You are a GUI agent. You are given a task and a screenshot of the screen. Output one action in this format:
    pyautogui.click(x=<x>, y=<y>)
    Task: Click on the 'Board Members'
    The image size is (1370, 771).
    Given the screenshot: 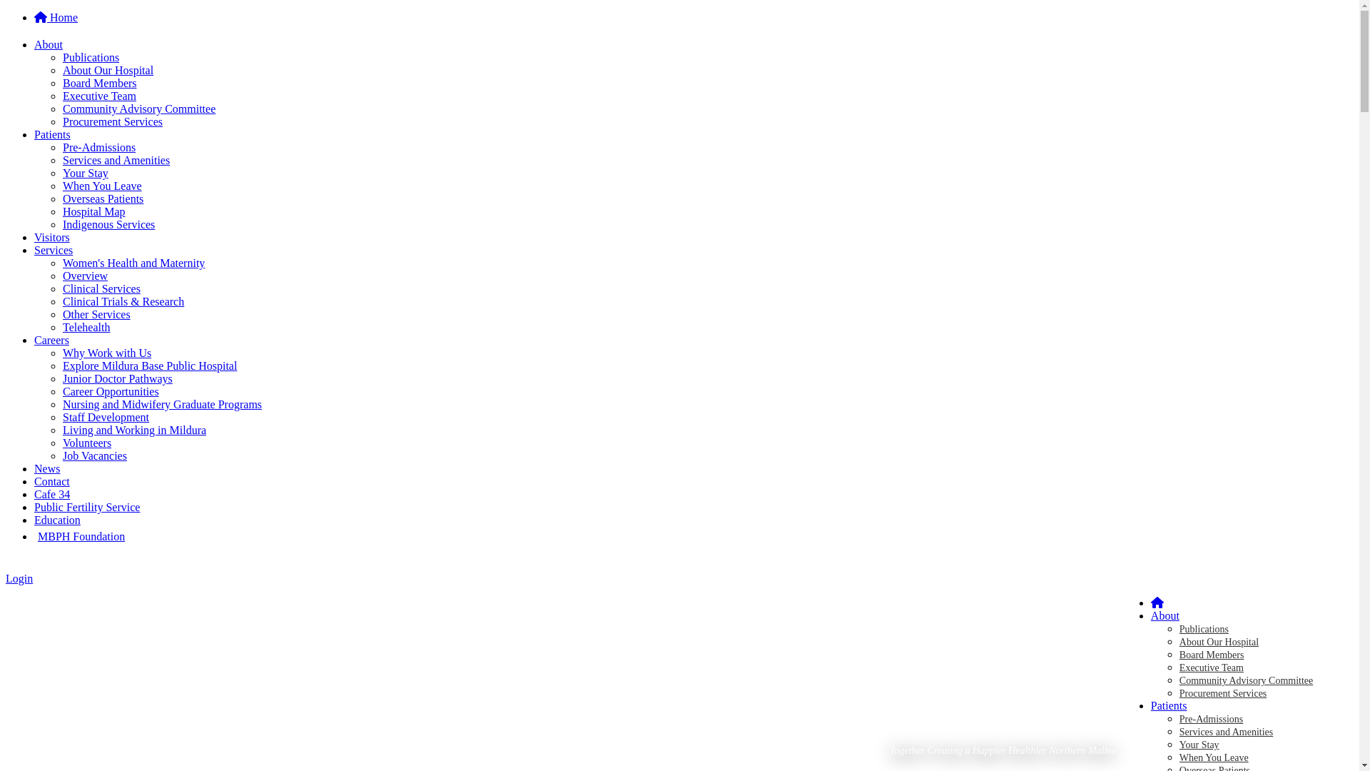 What is the action you would take?
    pyautogui.click(x=1179, y=655)
    